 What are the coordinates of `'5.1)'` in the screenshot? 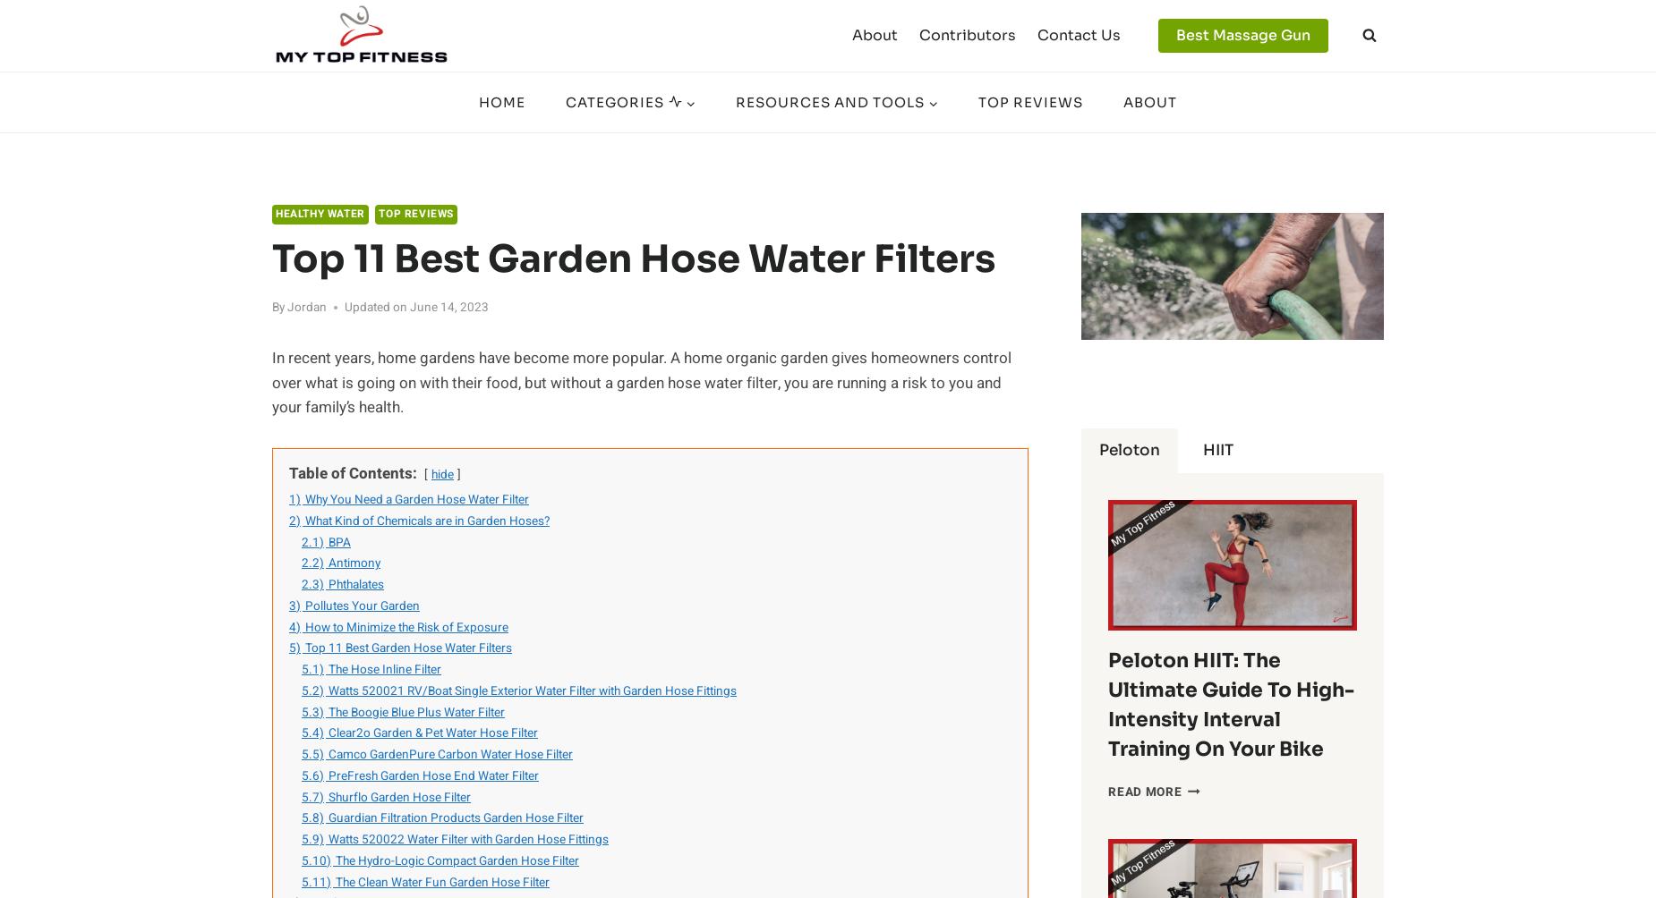 It's located at (301, 668).